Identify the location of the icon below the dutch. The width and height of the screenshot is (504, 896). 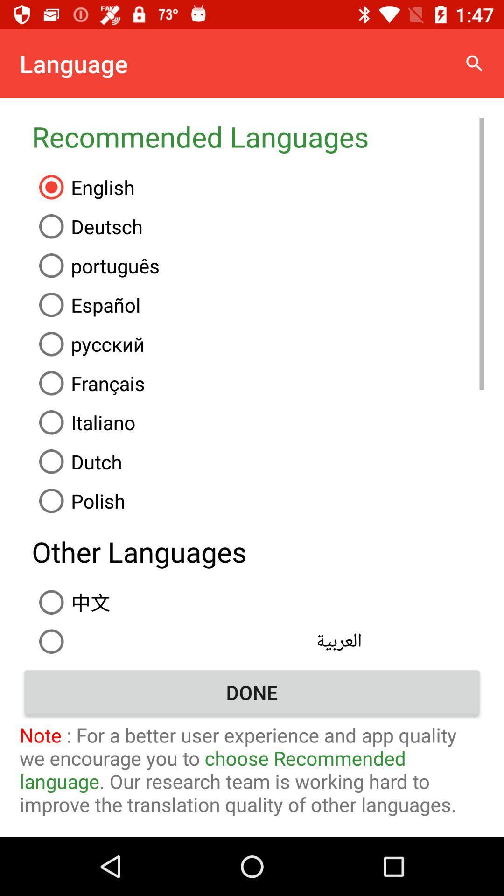
(258, 500).